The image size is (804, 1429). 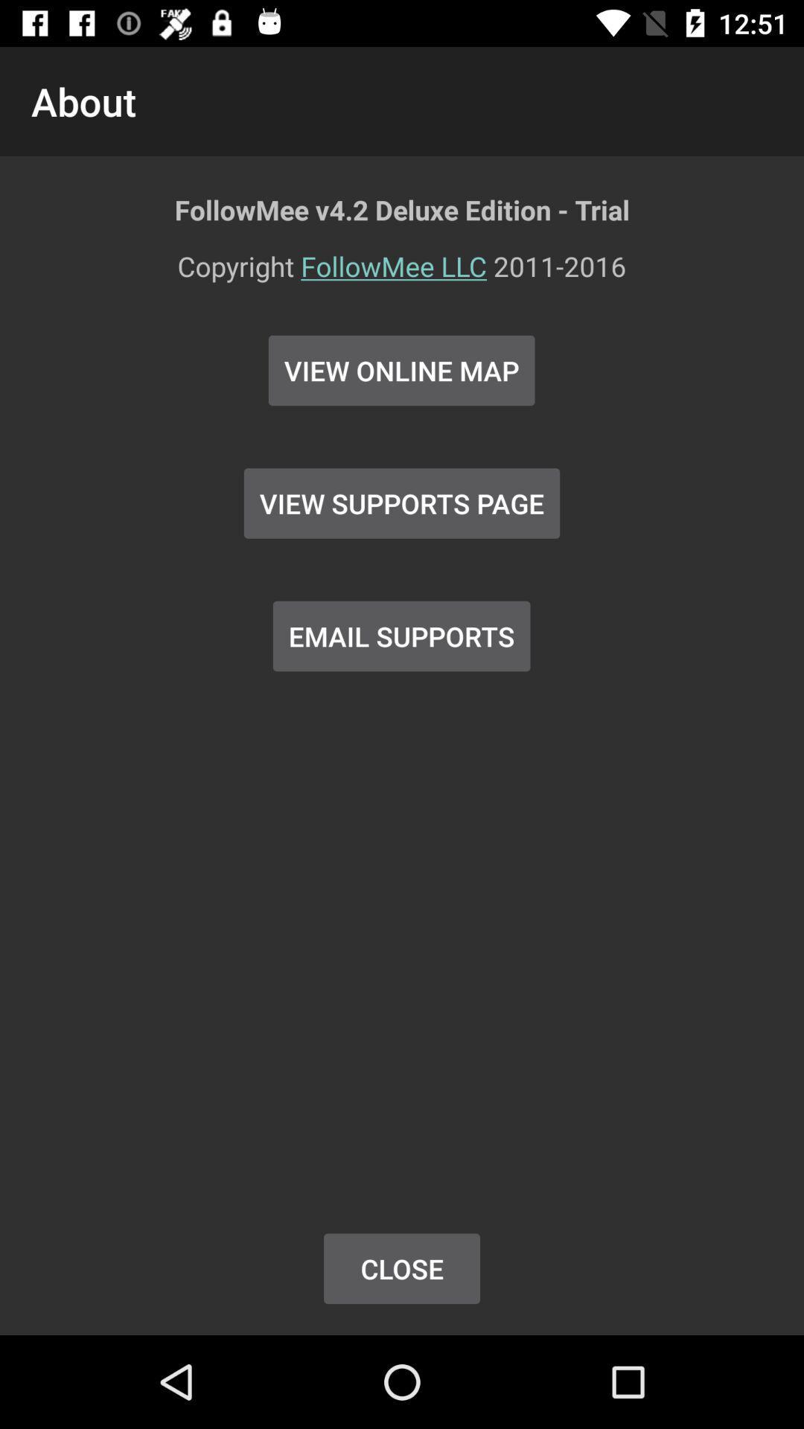 What do you see at coordinates (402, 503) in the screenshot?
I see `item above email supports item` at bounding box center [402, 503].